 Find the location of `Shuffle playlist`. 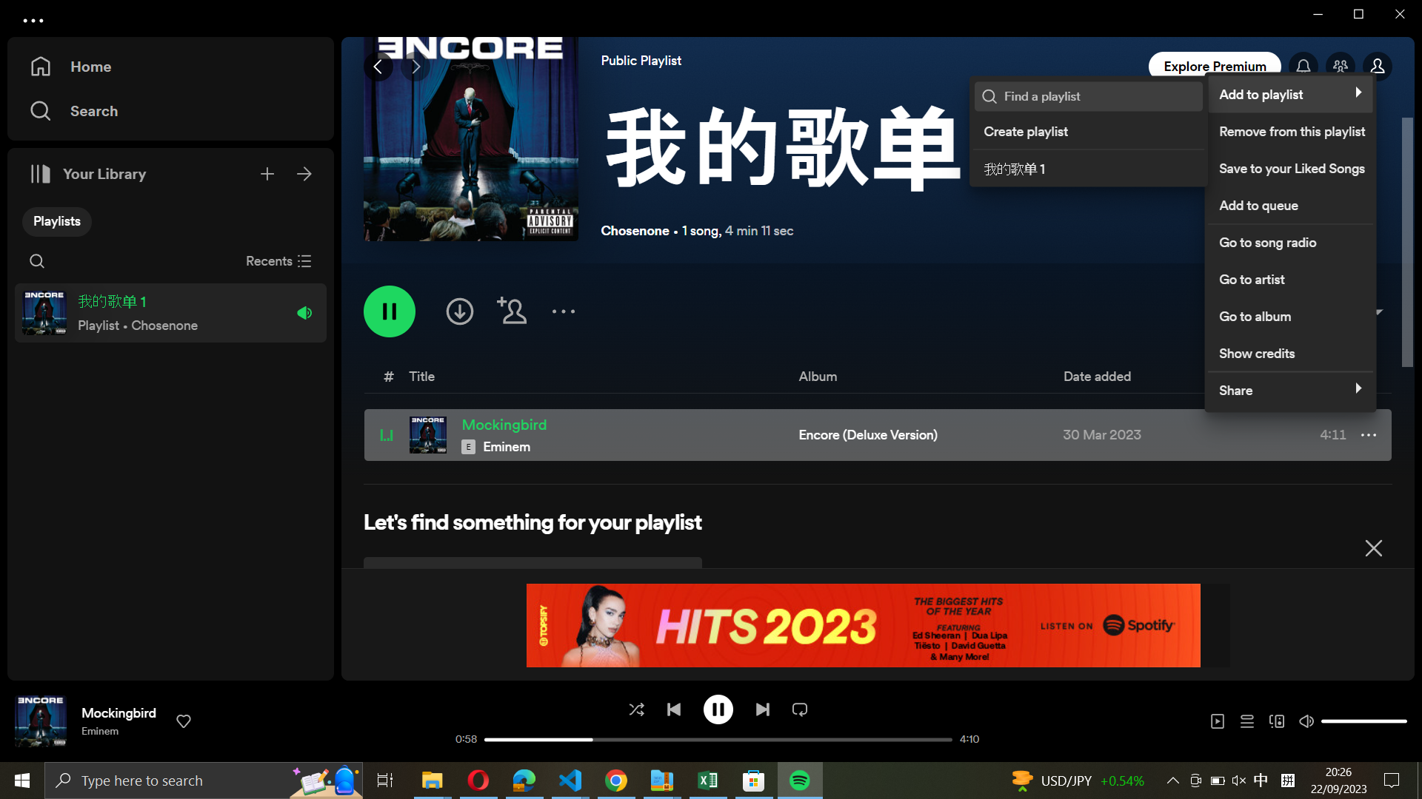

Shuffle playlist is located at coordinates (635, 708).